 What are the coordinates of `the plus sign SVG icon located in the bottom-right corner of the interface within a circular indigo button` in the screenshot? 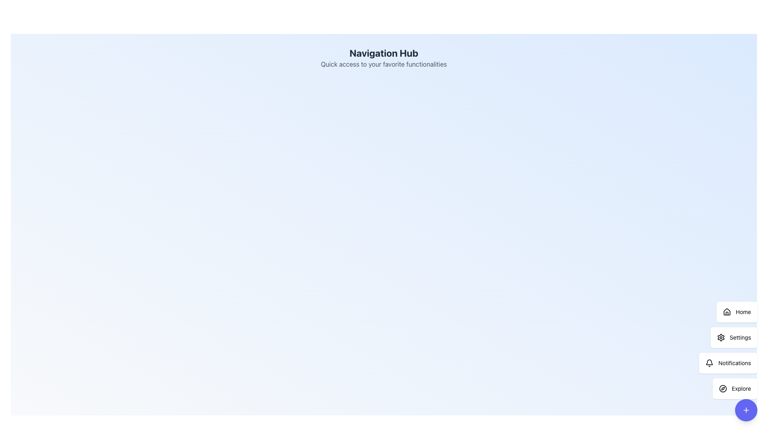 It's located at (745, 410).